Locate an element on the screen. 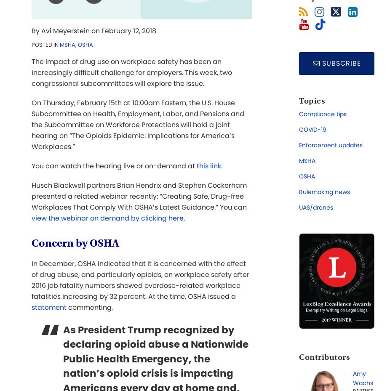  'By' is located at coordinates (36, 30).